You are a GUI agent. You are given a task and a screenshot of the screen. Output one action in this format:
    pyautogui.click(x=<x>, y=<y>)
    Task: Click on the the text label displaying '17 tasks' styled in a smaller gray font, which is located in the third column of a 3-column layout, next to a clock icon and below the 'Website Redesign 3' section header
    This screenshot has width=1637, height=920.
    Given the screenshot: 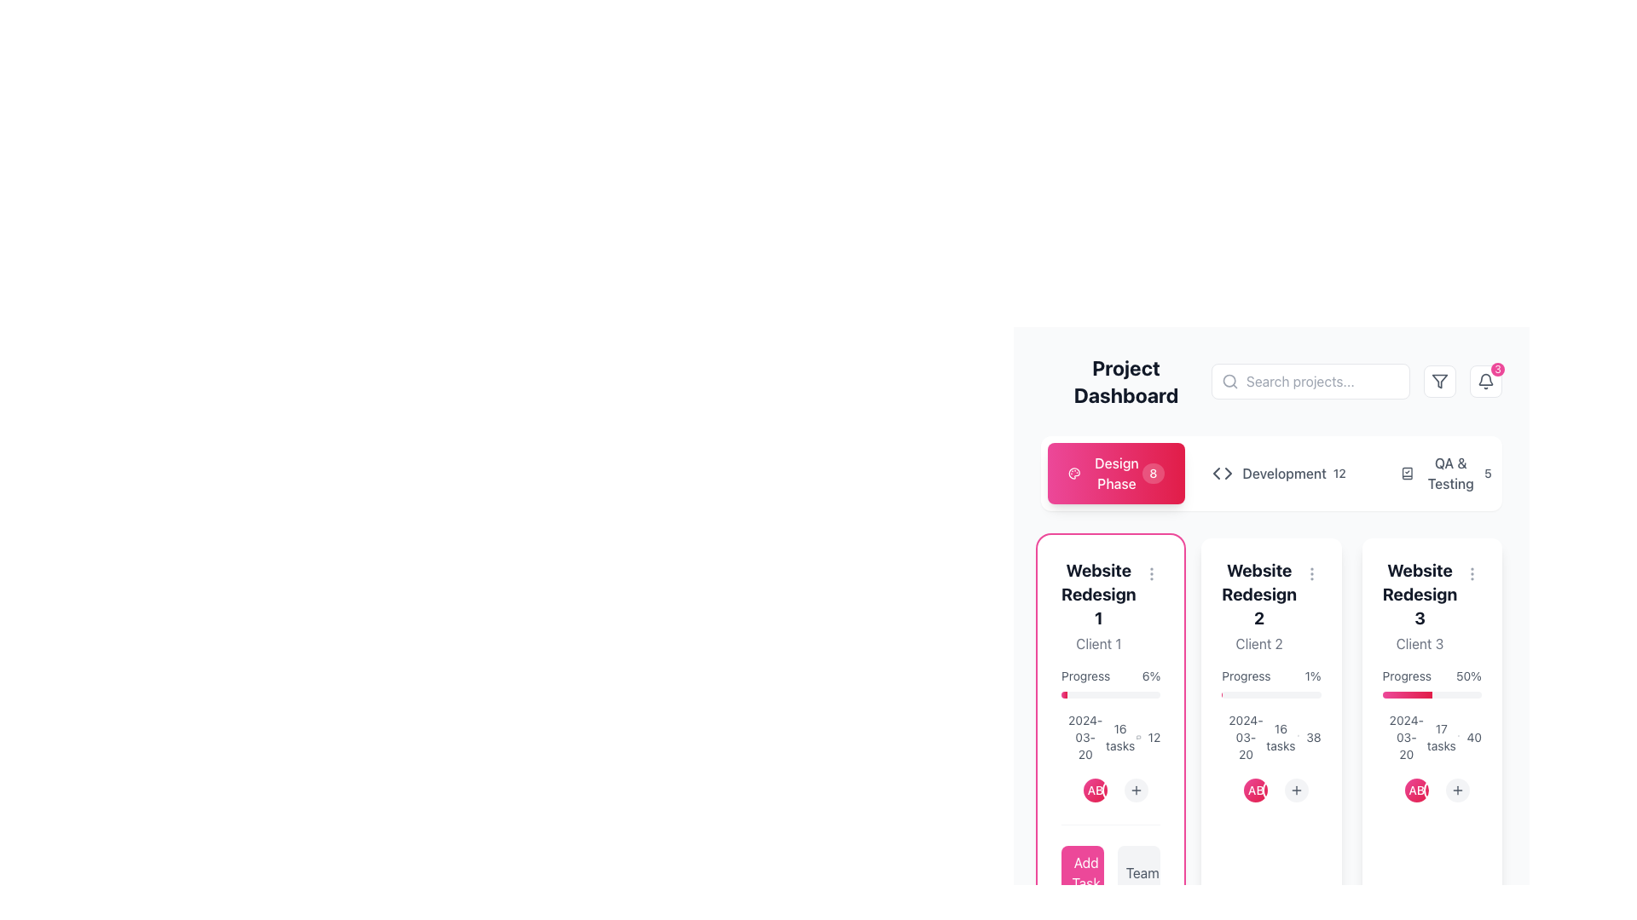 What is the action you would take?
    pyautogui.click(x=1432, y=737)
    